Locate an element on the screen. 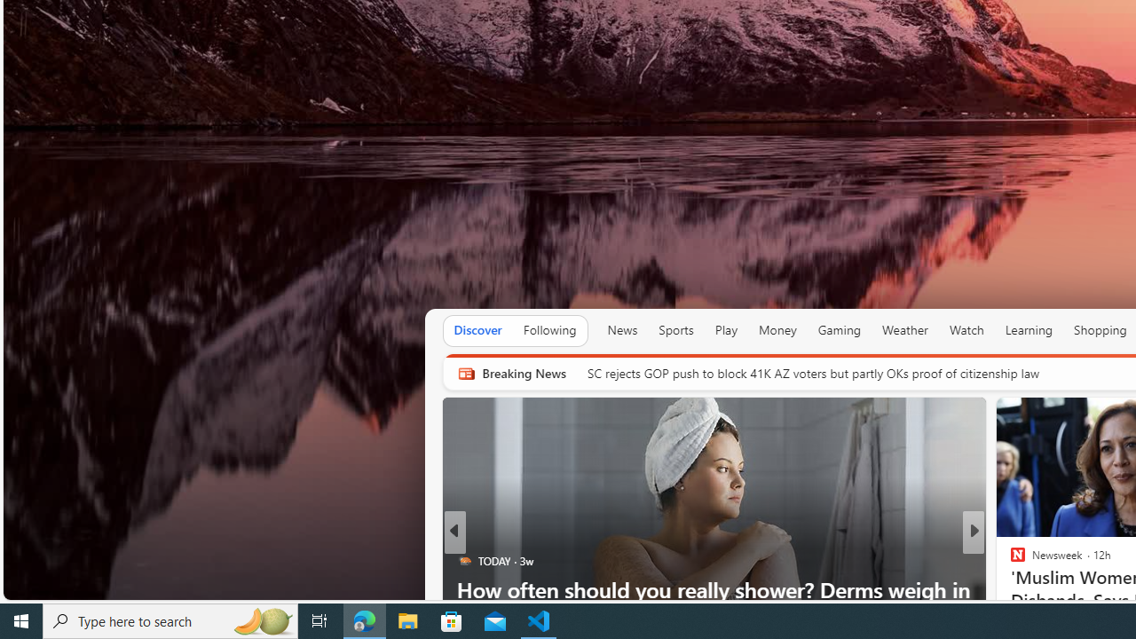 The image size is (1136, 639). 'The Takeout' is located at coordinates (1010, 561).